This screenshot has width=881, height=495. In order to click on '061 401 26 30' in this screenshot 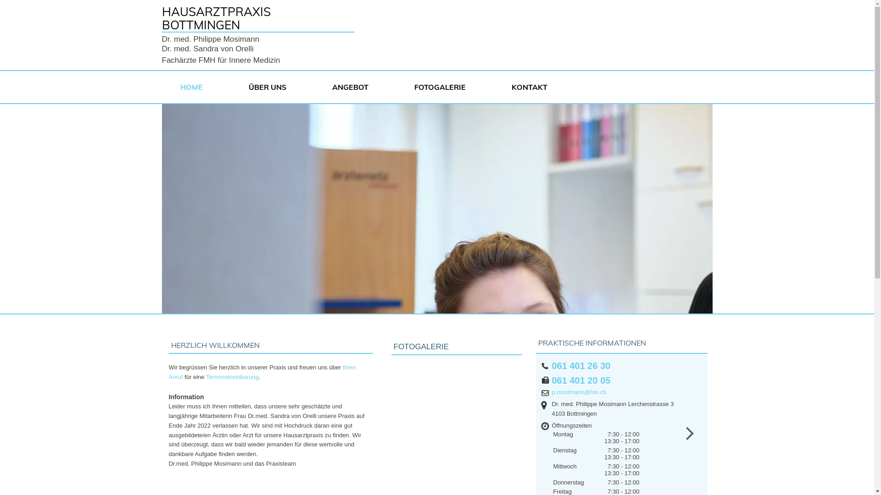, I will do `click(580, 365)`.